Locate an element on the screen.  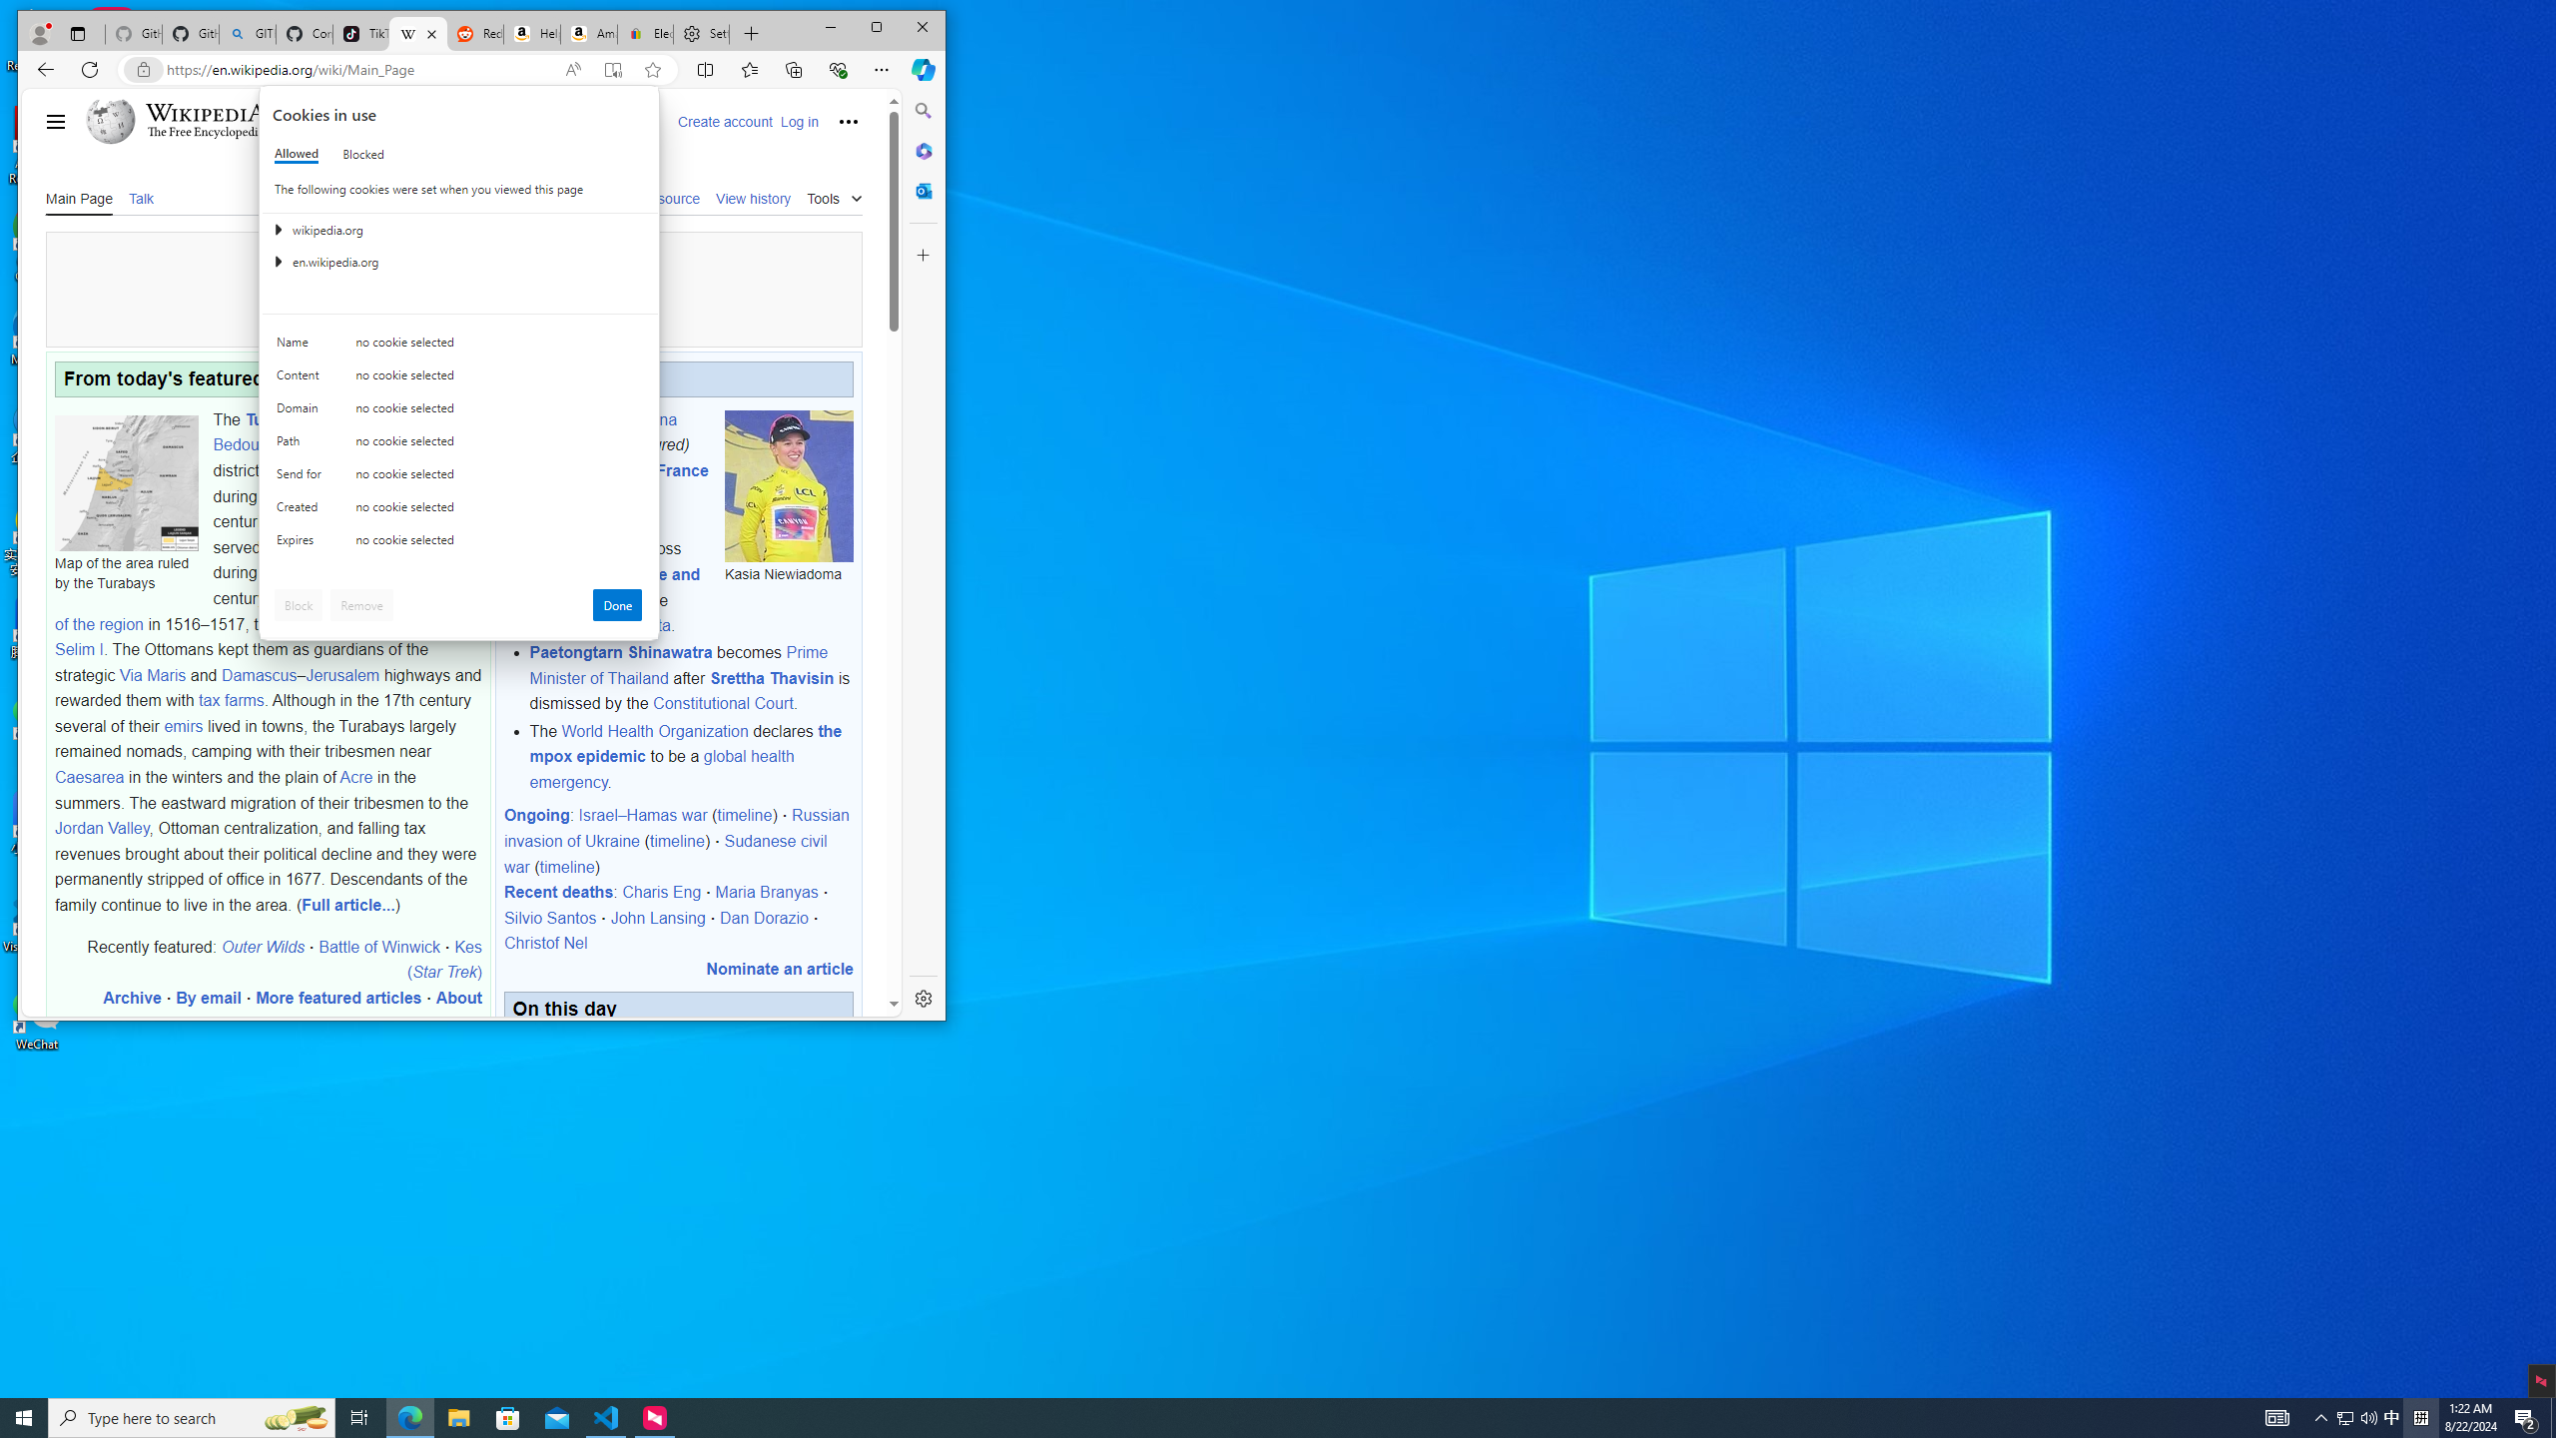
'File Explorer' is located at coordinates (357, 1416).